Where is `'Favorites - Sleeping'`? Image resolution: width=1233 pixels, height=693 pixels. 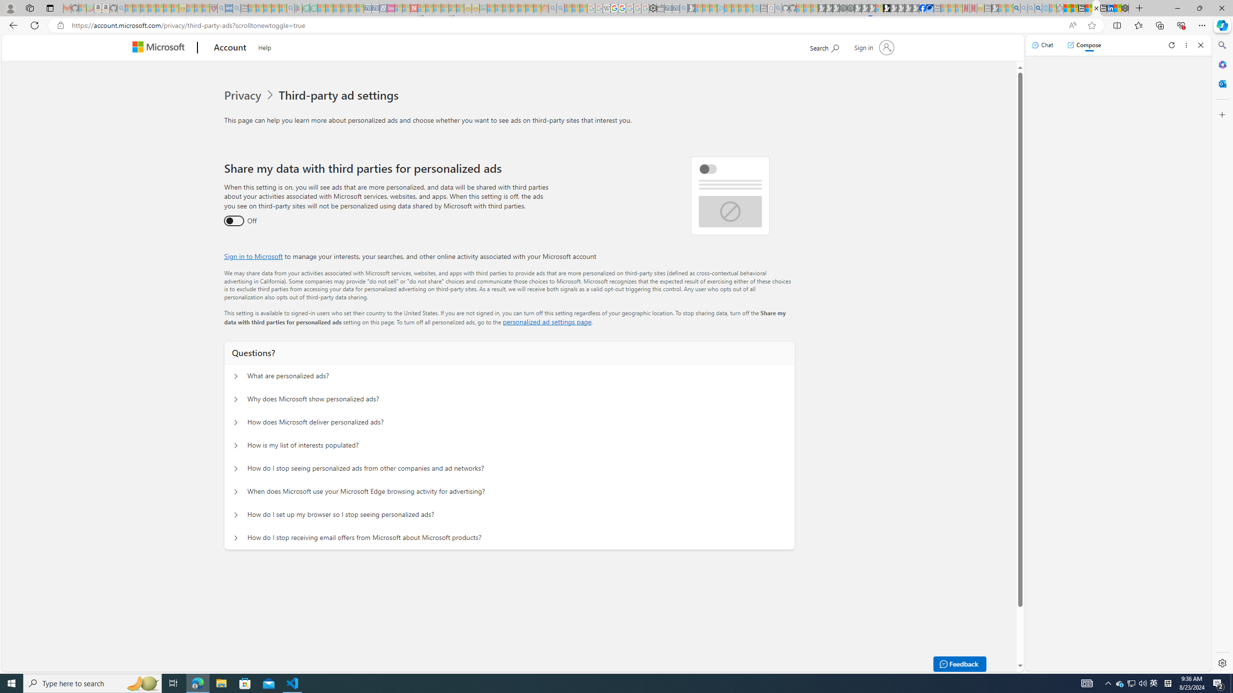
'Favorites - Sleeping' is located at coordinates (1060, 8).